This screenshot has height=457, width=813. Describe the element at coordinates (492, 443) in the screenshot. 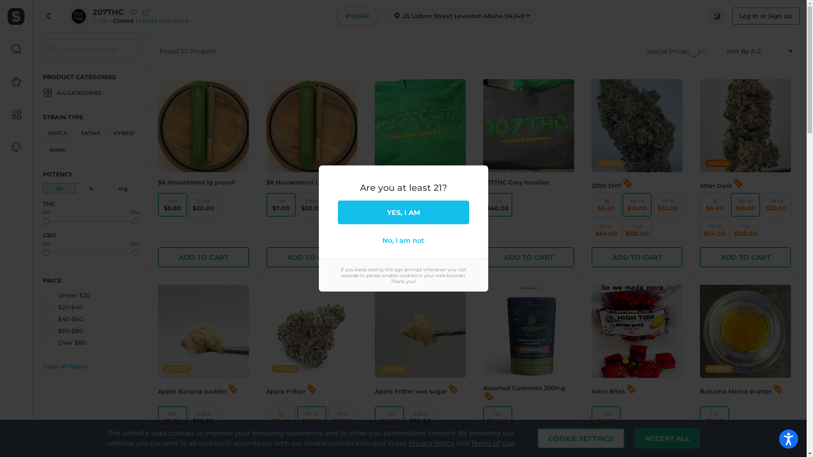

I see `'Terms of Use'` at that location.